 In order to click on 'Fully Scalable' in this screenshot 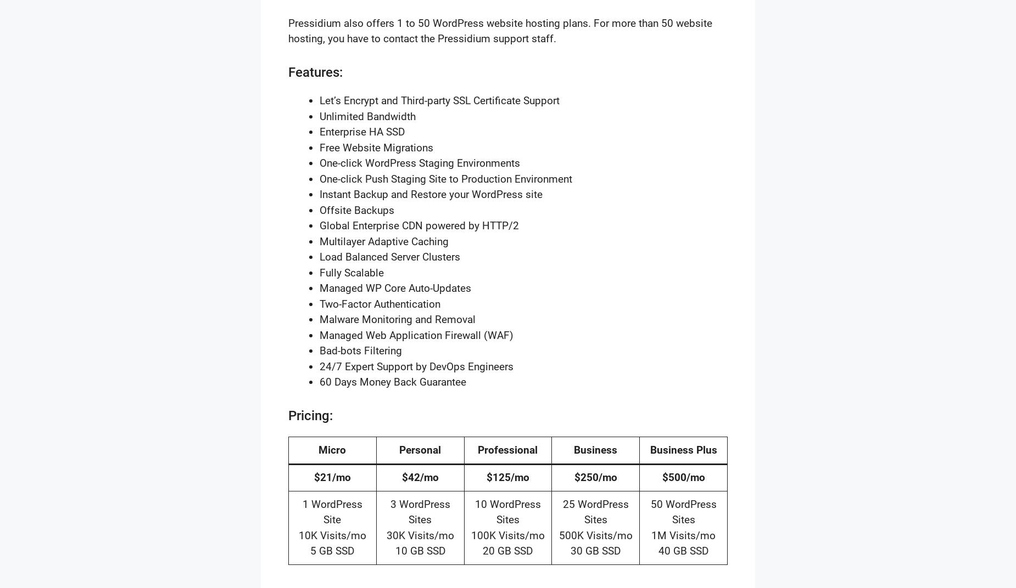, I will do `click(320, 272)`.